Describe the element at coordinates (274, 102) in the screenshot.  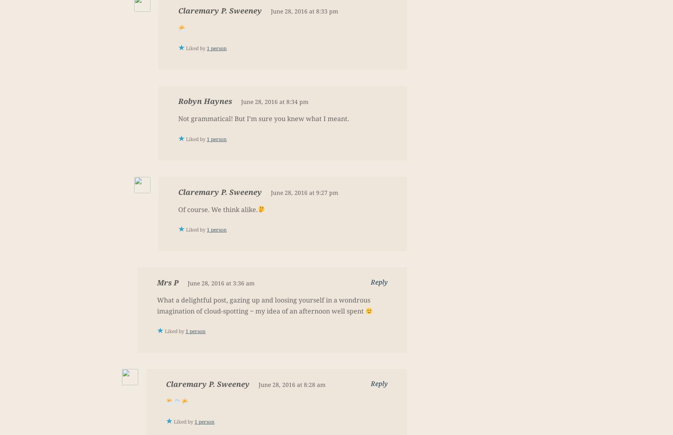
I see `'June 28, 2016 at 8:34 pm'` at that location.